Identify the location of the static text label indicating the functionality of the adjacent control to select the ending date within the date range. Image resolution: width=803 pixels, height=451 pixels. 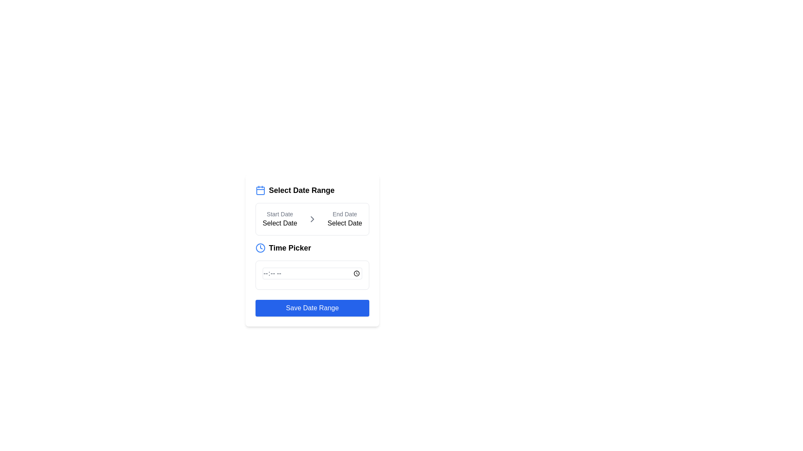
(345, 214).